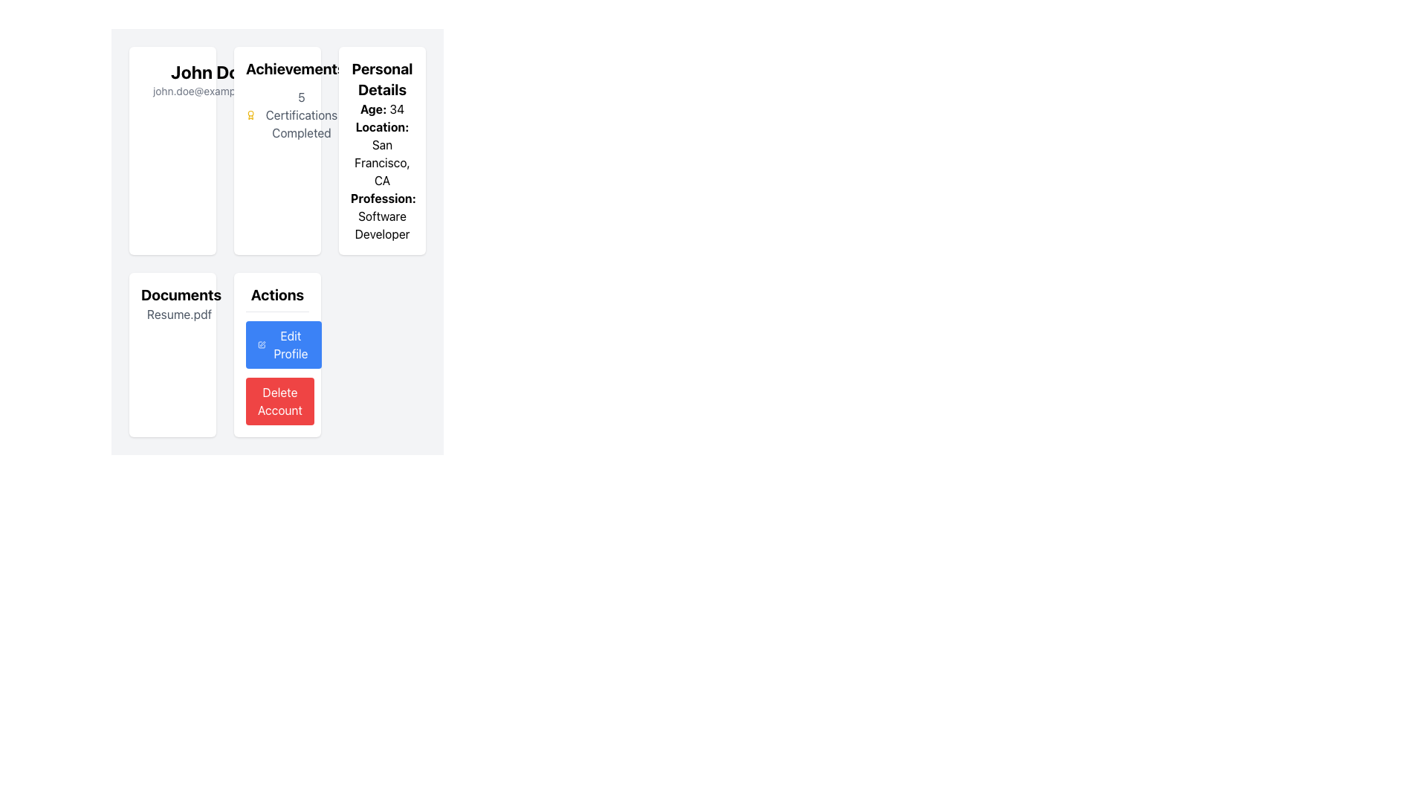 The height and width of the screenshot is (803, 1427). What do you see at coordinates (382, 126) in the screenshot?
I see `the static text element located in the 'Personal Details' panel, positioned under 'Age: 34' and above 'San Francisco, CA'` at bounding box center [382, 126].